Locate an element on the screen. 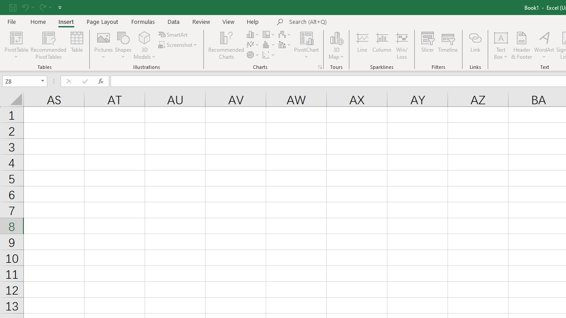 Image resolution: width=566 pixels, height=318 pixels. 'View' is located at coordinates (229, 21).